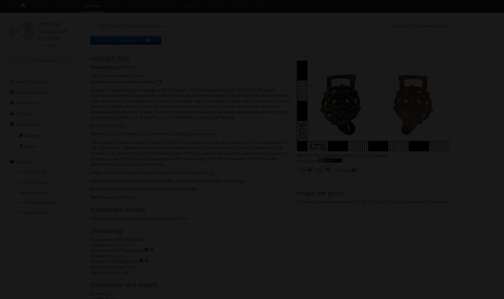 The width and height of the screenshot is (504, 299). I want to click on '1600', so click(120, 272).